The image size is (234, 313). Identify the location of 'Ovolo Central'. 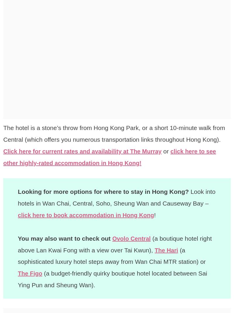
(132, 238).